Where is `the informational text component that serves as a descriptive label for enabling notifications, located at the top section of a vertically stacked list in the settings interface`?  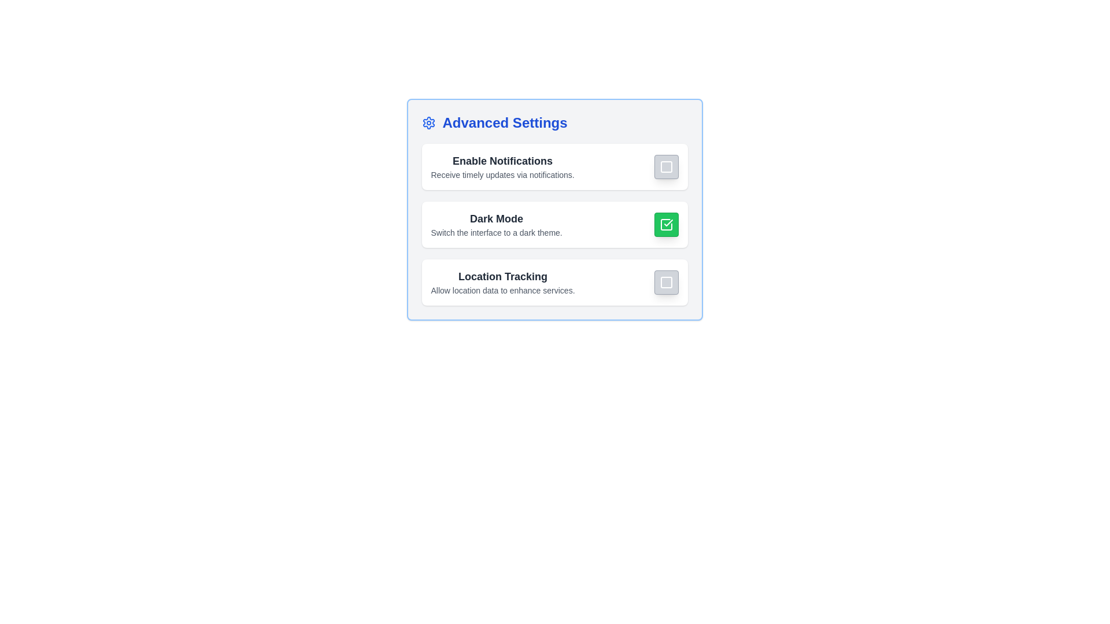
the informational text component that serves as a descriptive label for enabling notifications, located at the top section of a vertically stacked list in the settings interface is located at coordinates (502, 167).